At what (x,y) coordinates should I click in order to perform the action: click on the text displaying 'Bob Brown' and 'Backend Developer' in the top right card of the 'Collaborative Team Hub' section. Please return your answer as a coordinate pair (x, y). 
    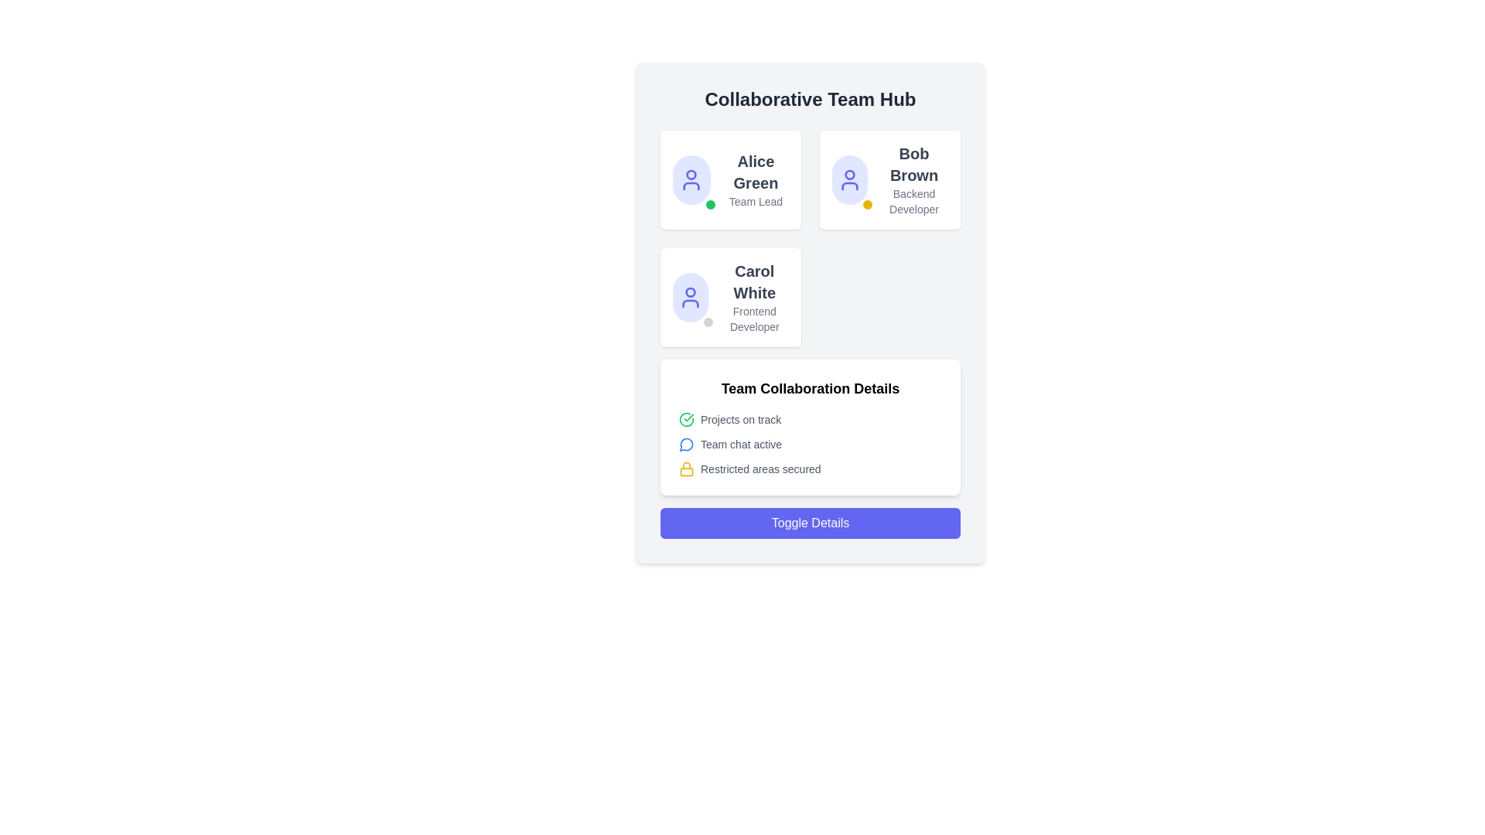
    Looking at the image, I should click on (913, 179).